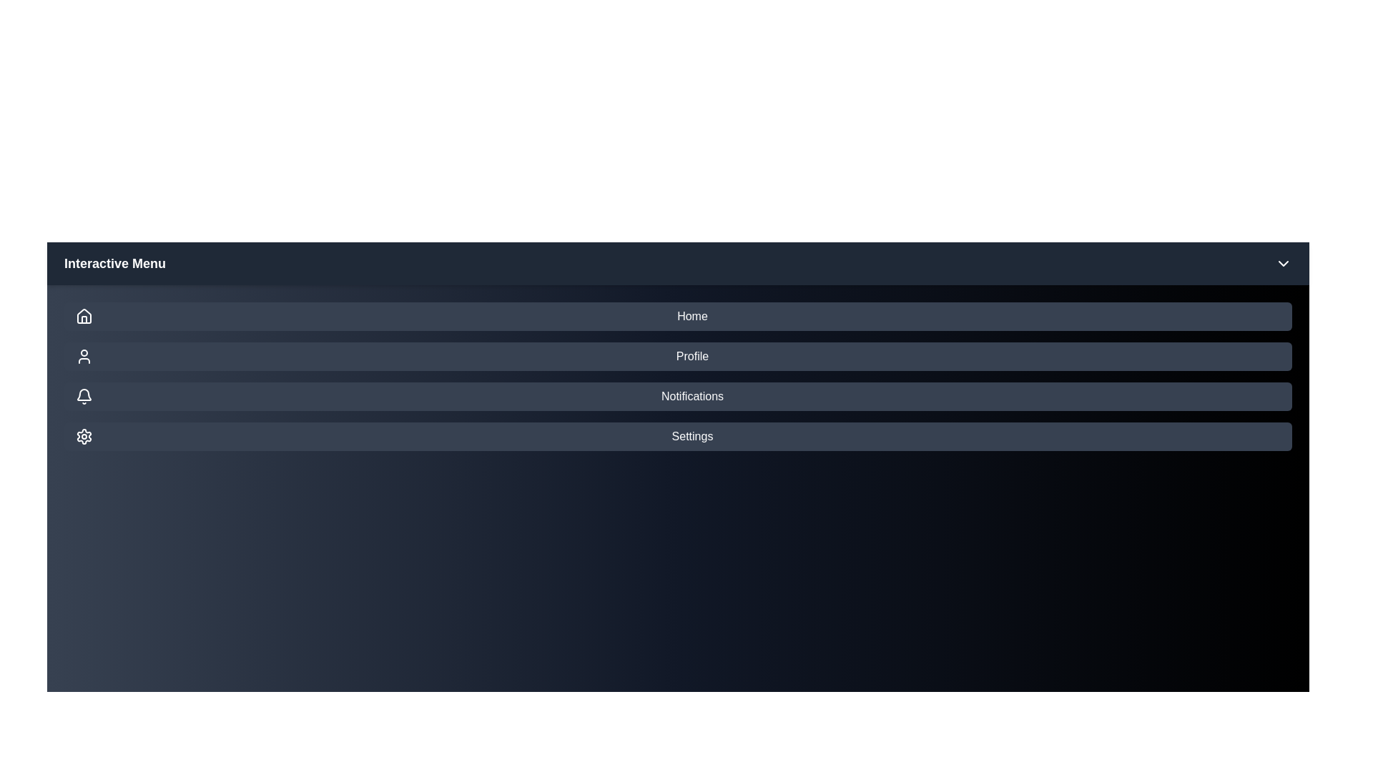  What do you see at coordinates (677, 435) in the screenshot?
I see `the menu item Settings` at bounding box center [677, 435].